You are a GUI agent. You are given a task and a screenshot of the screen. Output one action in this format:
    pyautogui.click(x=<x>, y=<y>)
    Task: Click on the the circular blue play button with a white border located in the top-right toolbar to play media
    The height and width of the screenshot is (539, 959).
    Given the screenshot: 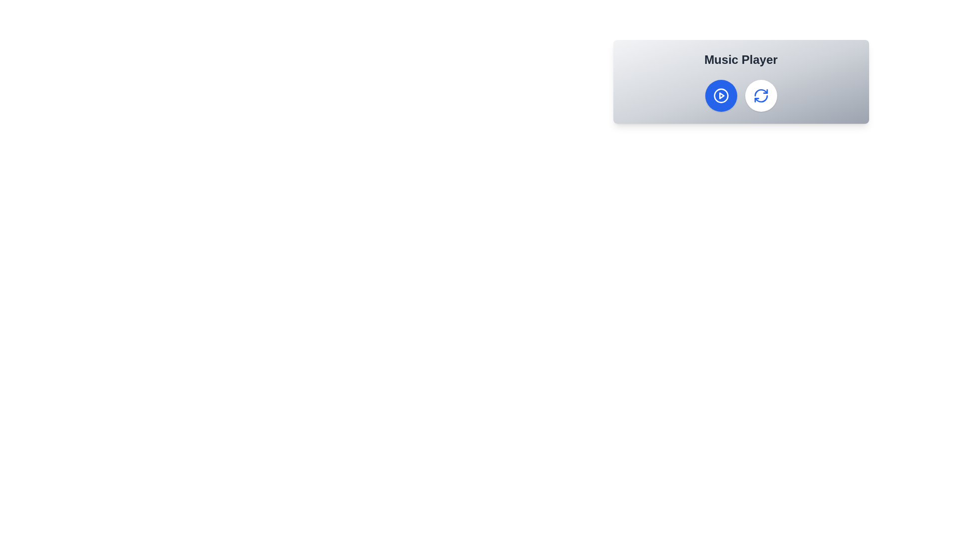 What is the action you would take?
    pyautogui.click(x=721, y=96)
    